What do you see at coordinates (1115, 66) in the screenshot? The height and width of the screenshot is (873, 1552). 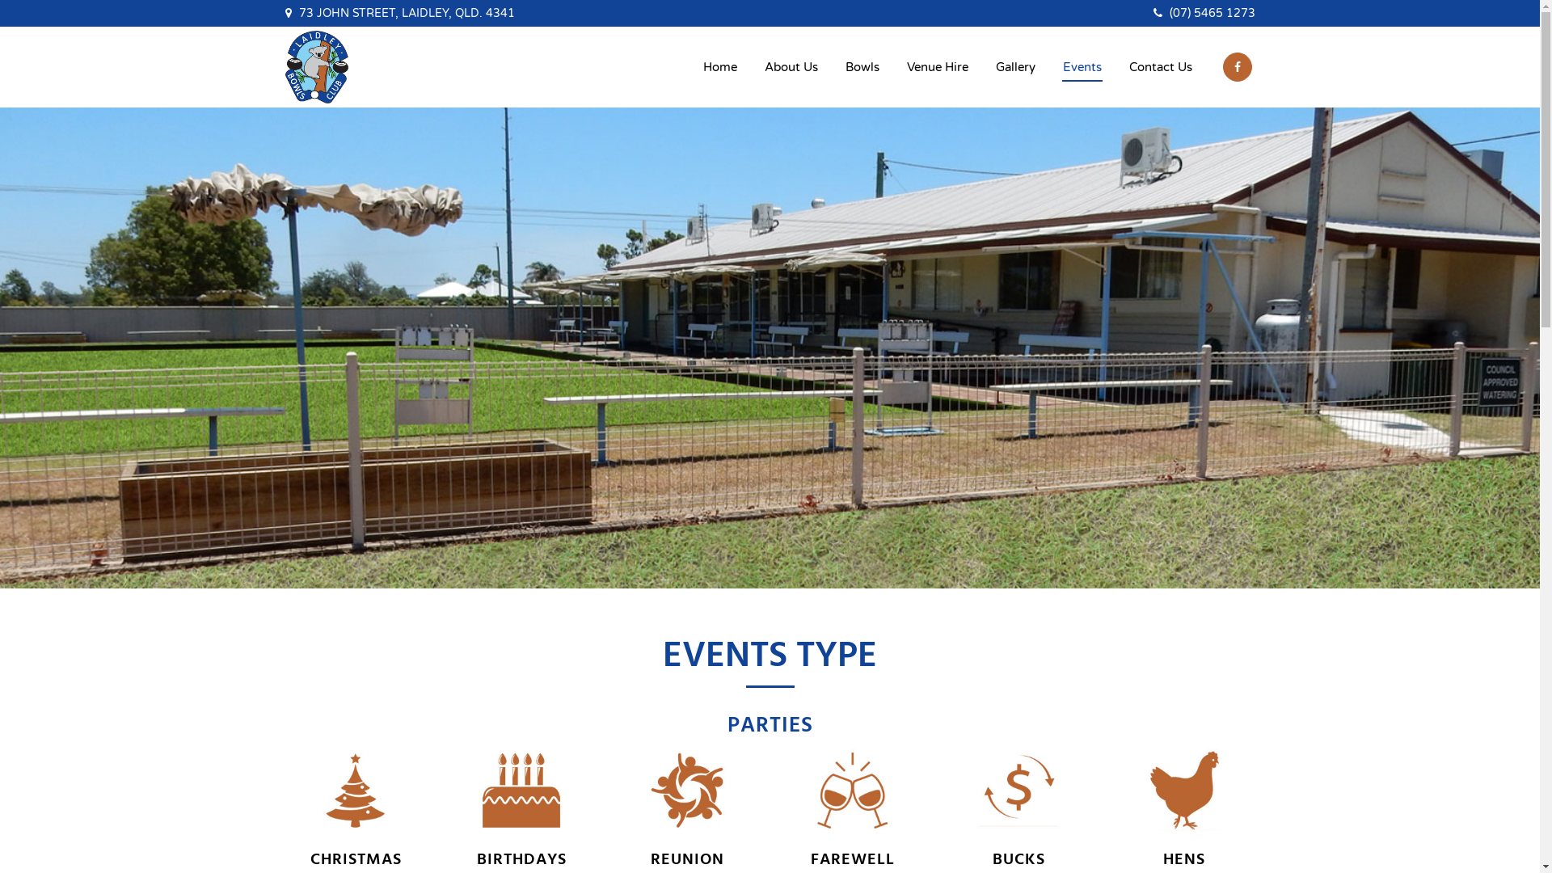 I see `'Contact Us'` at bounding box center [1115, 66].